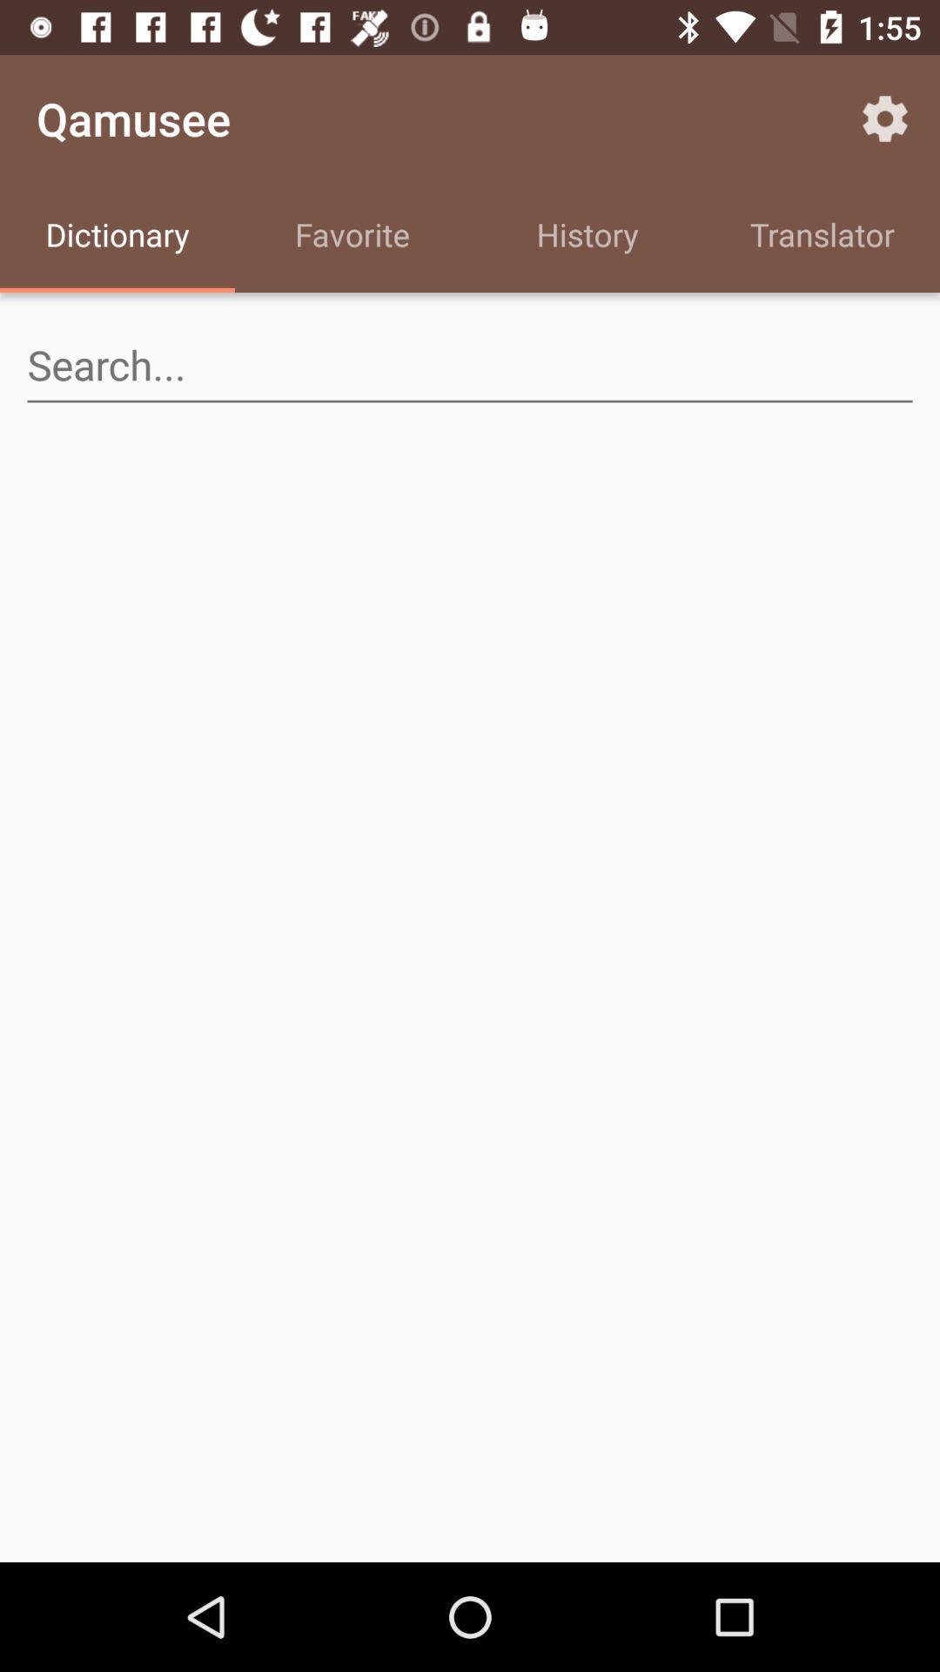 The height and width of the screenshot is (1672, 940). What do you see at coordinates (587, 237) in the screenshot?
I see `the item next to translator item` at bounding box center [587, 237].